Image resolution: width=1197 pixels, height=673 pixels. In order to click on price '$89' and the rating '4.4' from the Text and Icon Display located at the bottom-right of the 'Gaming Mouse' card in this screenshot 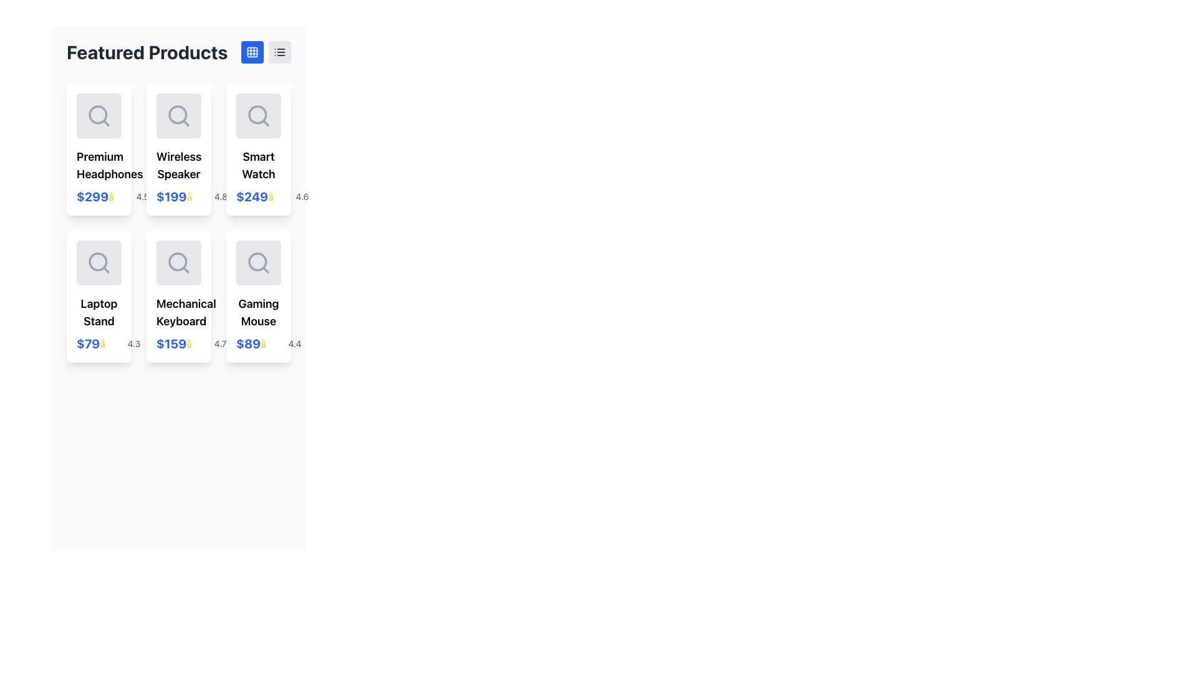, I will do `click(257, 343)`.